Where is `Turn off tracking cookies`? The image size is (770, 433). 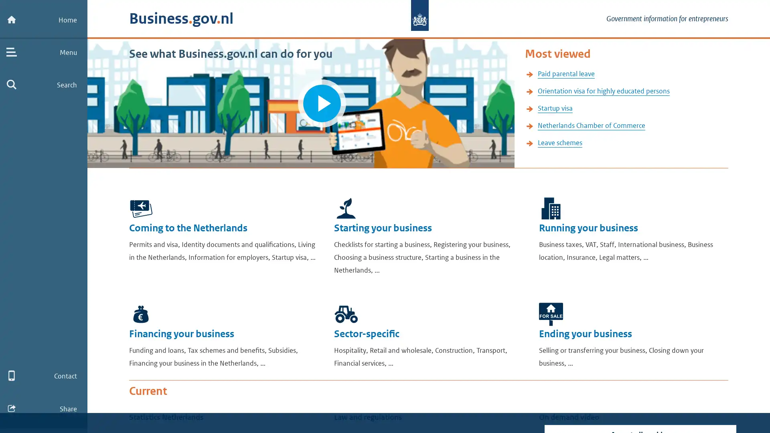 Turn off tracking cookies is located at coordinates (640, 407).